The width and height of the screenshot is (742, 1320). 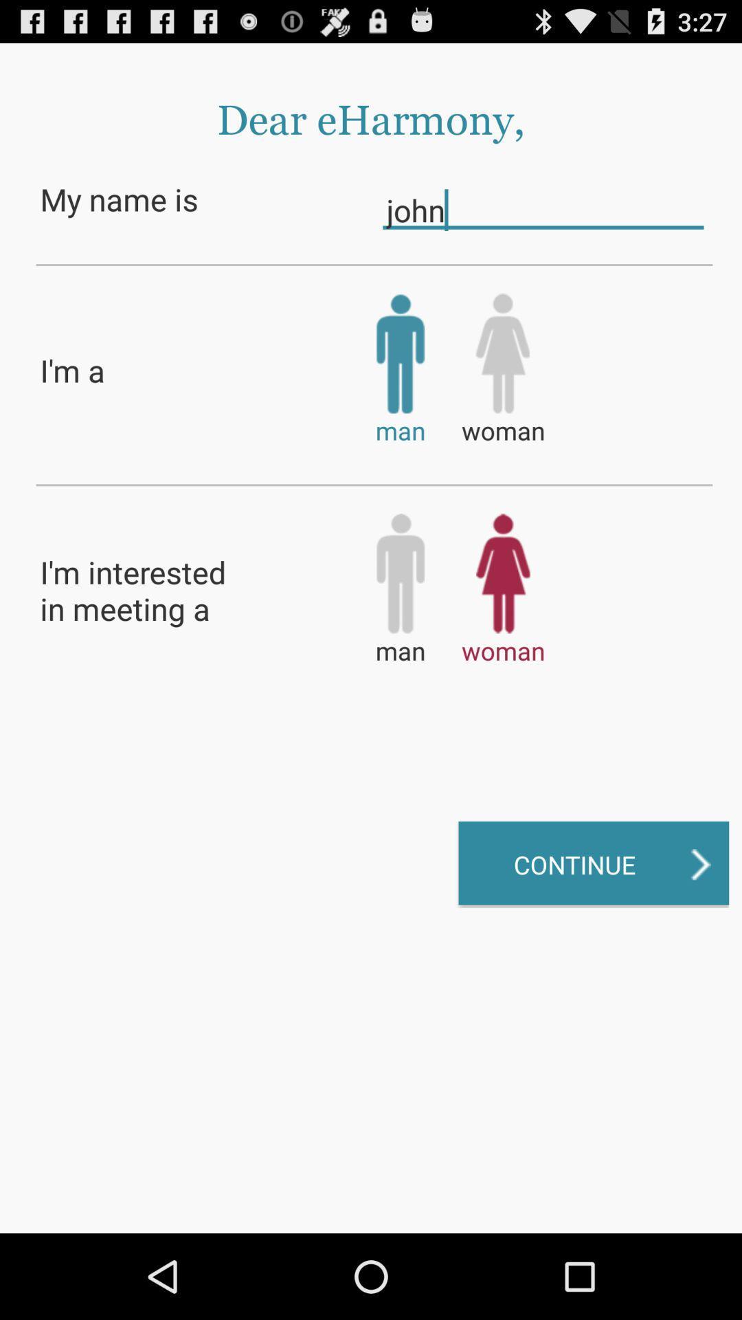 I want to click on icon next to my name is icon, so click(x=542, y=209).